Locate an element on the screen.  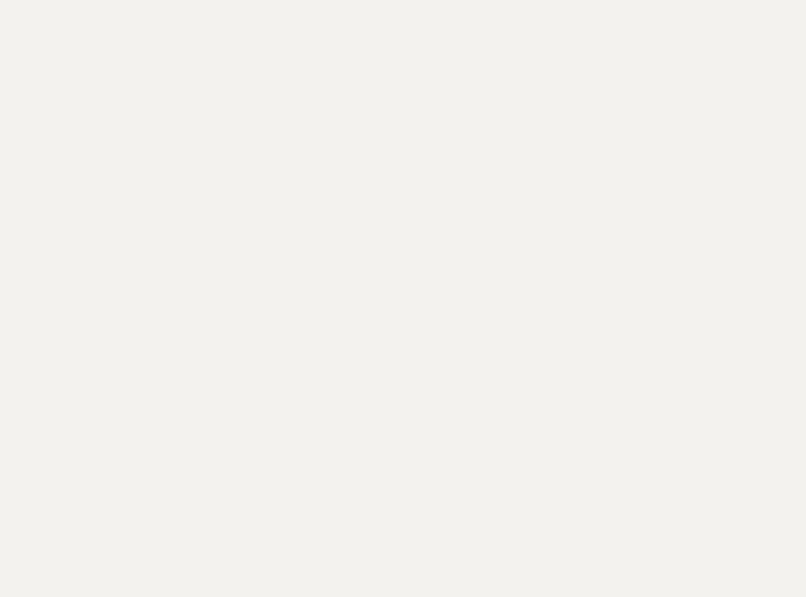
'The Canadian actress grew up in the area.' is located at coordinates (197, 556).